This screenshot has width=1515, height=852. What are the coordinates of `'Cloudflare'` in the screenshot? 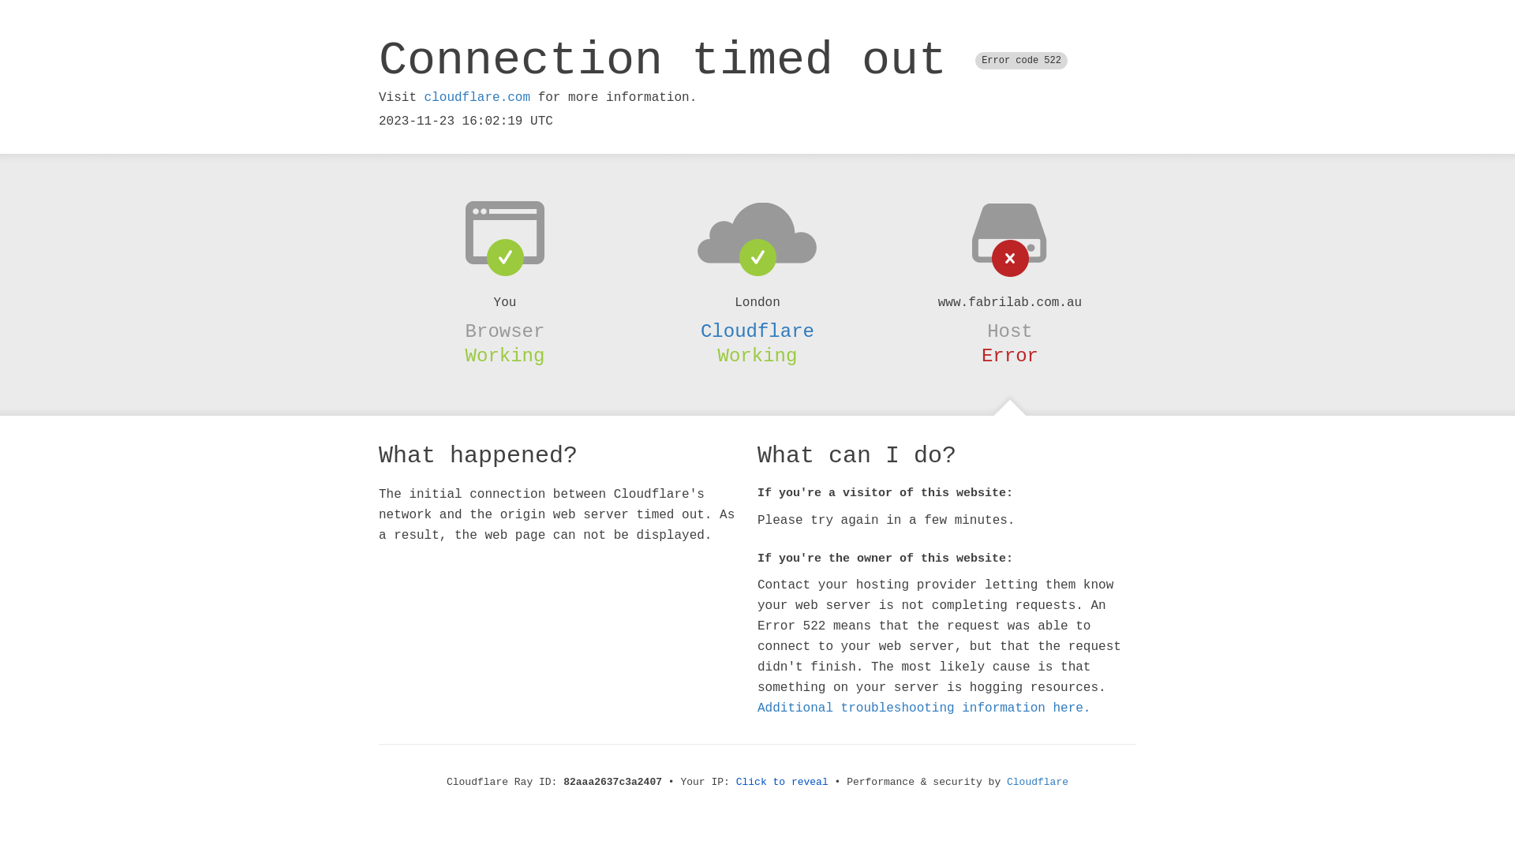 It's located at (757, 331).